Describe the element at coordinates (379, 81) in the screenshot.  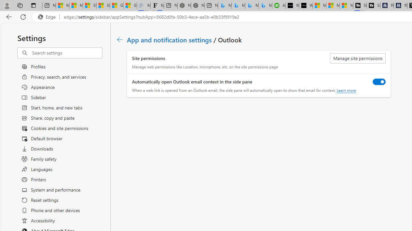
I see `'Automatically open Outlook email context in the side pane'` at that location.